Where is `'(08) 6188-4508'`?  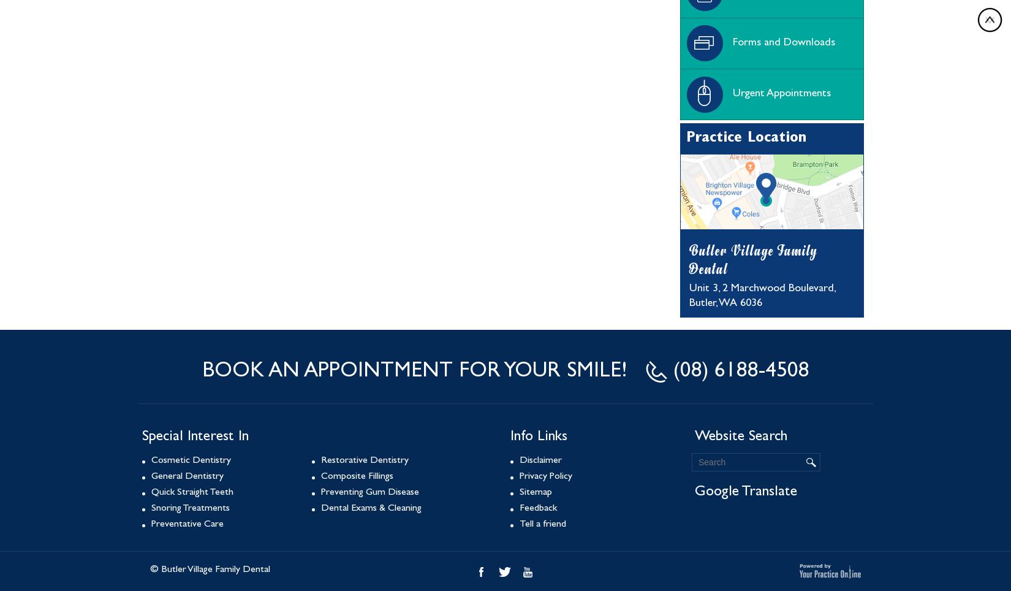
'(08) 6188-4508' is located at coordinates (740, 372).